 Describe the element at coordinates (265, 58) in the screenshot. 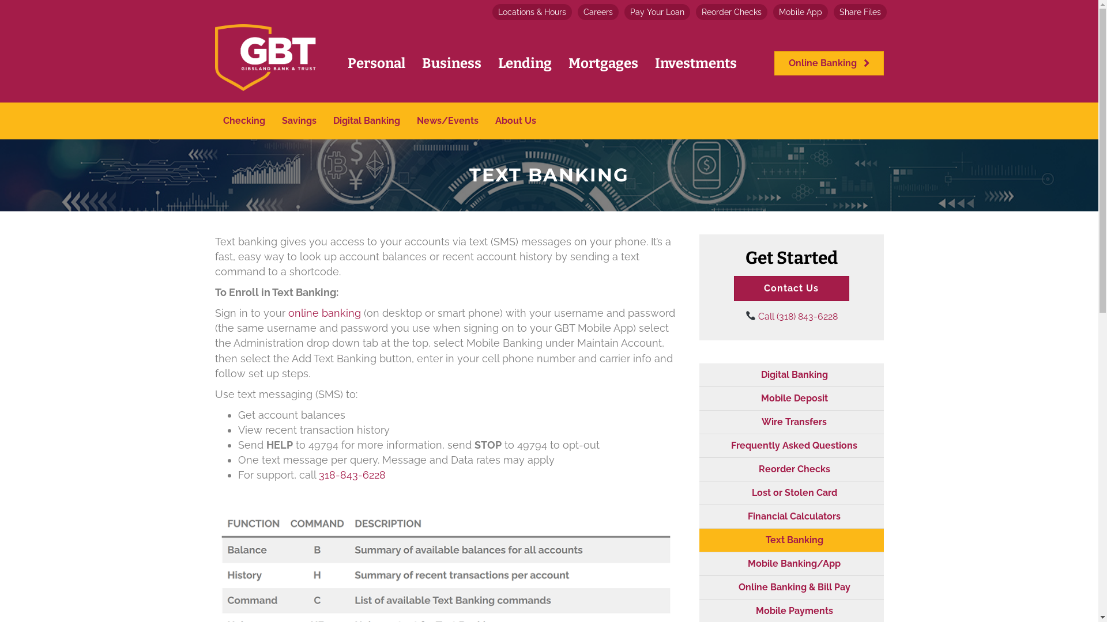

I see `'gbt-final-transparent-cropped-01'` at that location.